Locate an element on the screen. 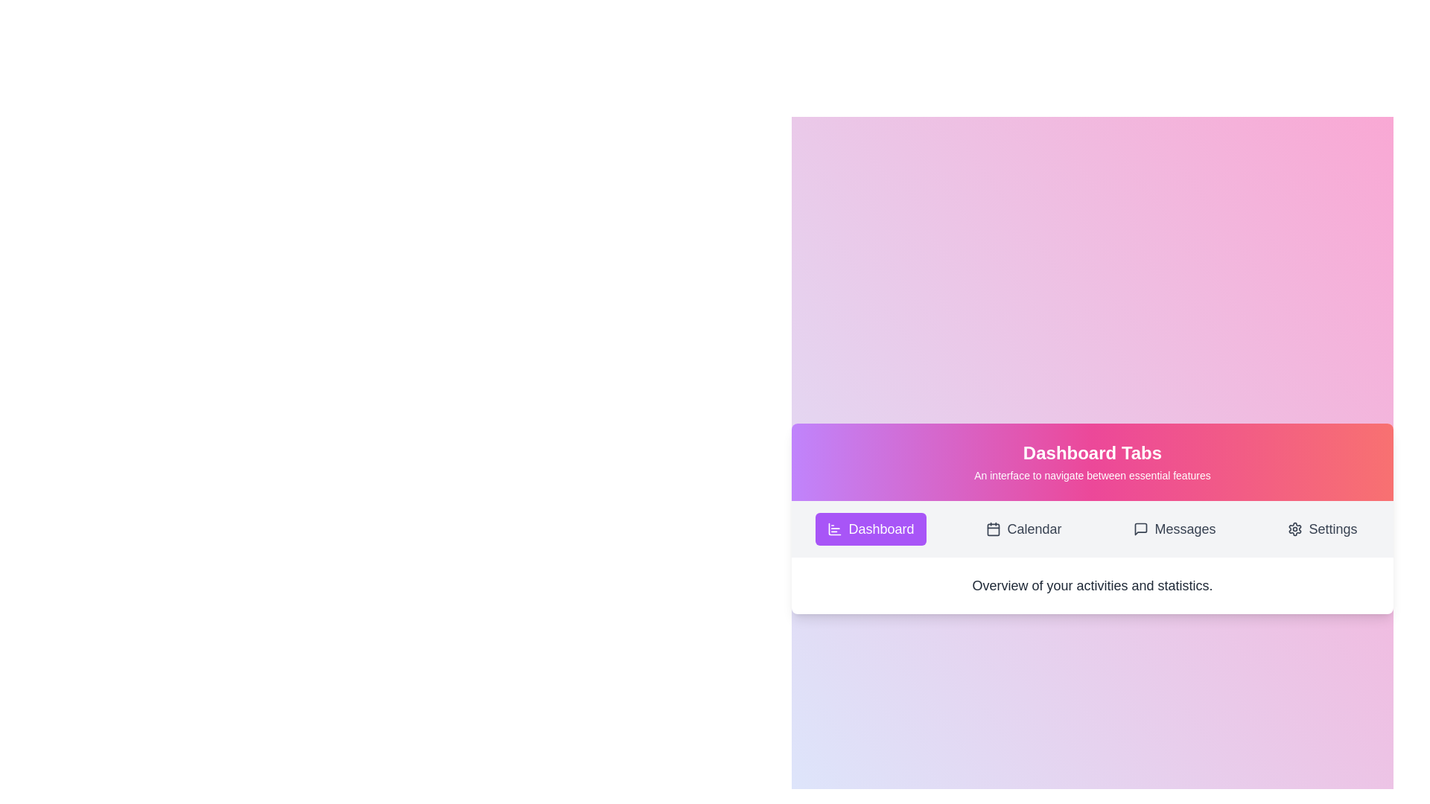 This screenshot has width=1430, height=804. text of the Text Label located in the navigation bar, positioned between the 'Dashboard' and 'Messages' sections is located at coordinates (1033, 528).